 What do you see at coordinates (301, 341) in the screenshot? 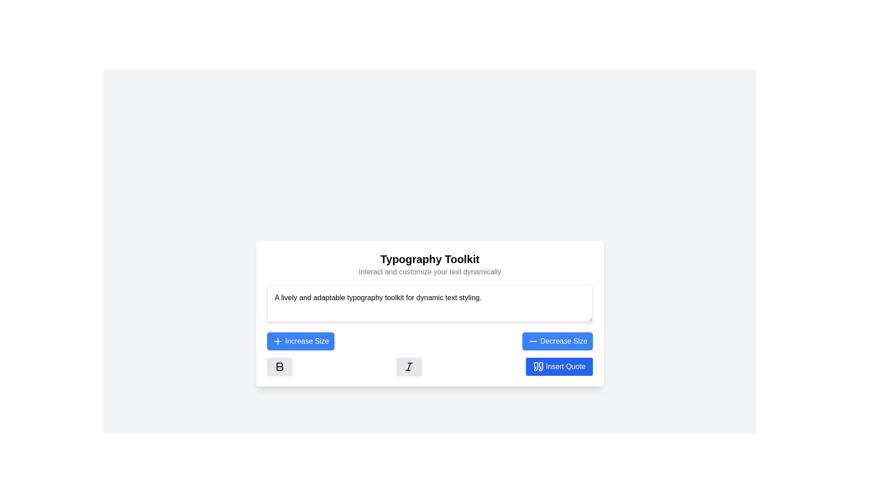
I see `the blue rectangular button with rounded corners labeled 'Increase Size'` at bounding box center [301, 341].